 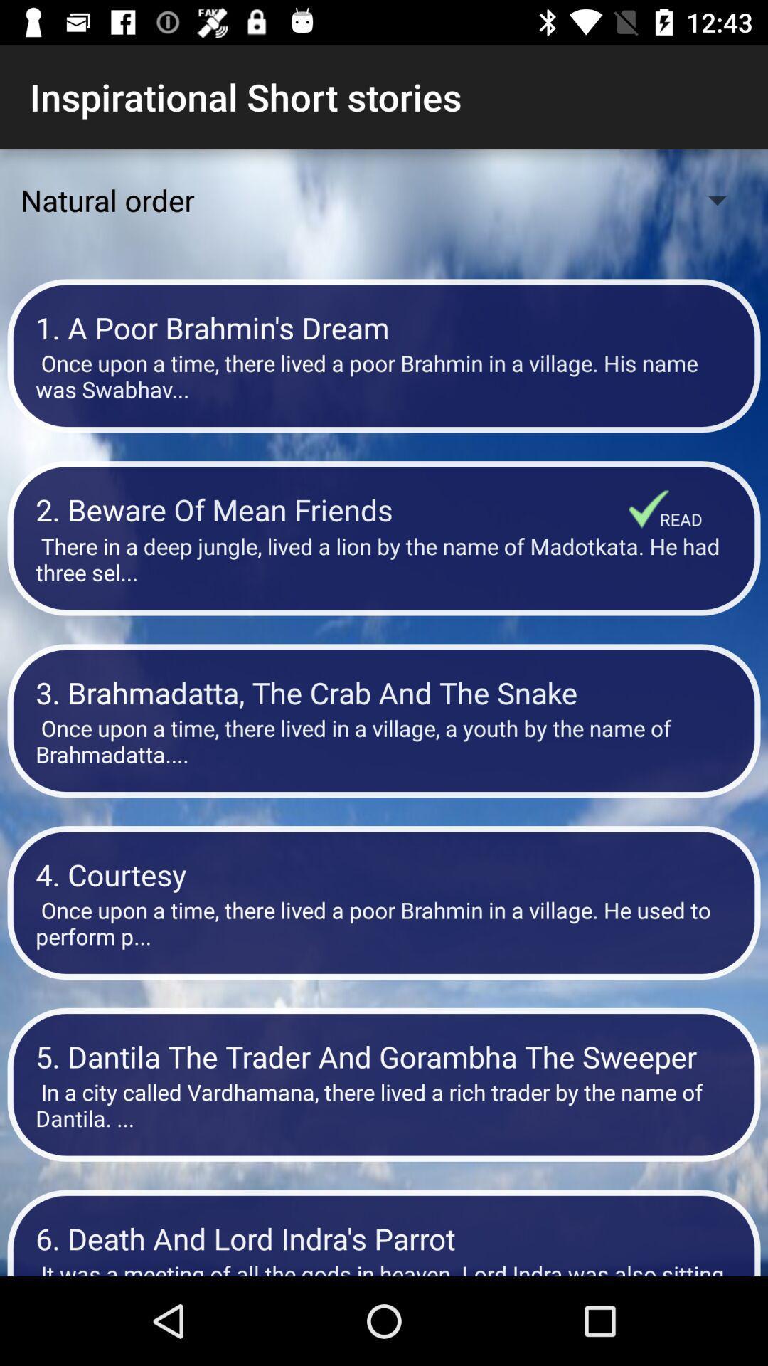 What do you see at coordinates (649, 509) in the screenshot?
I see `item next to the 2 beware of icon` at bounding box center [649, 509].